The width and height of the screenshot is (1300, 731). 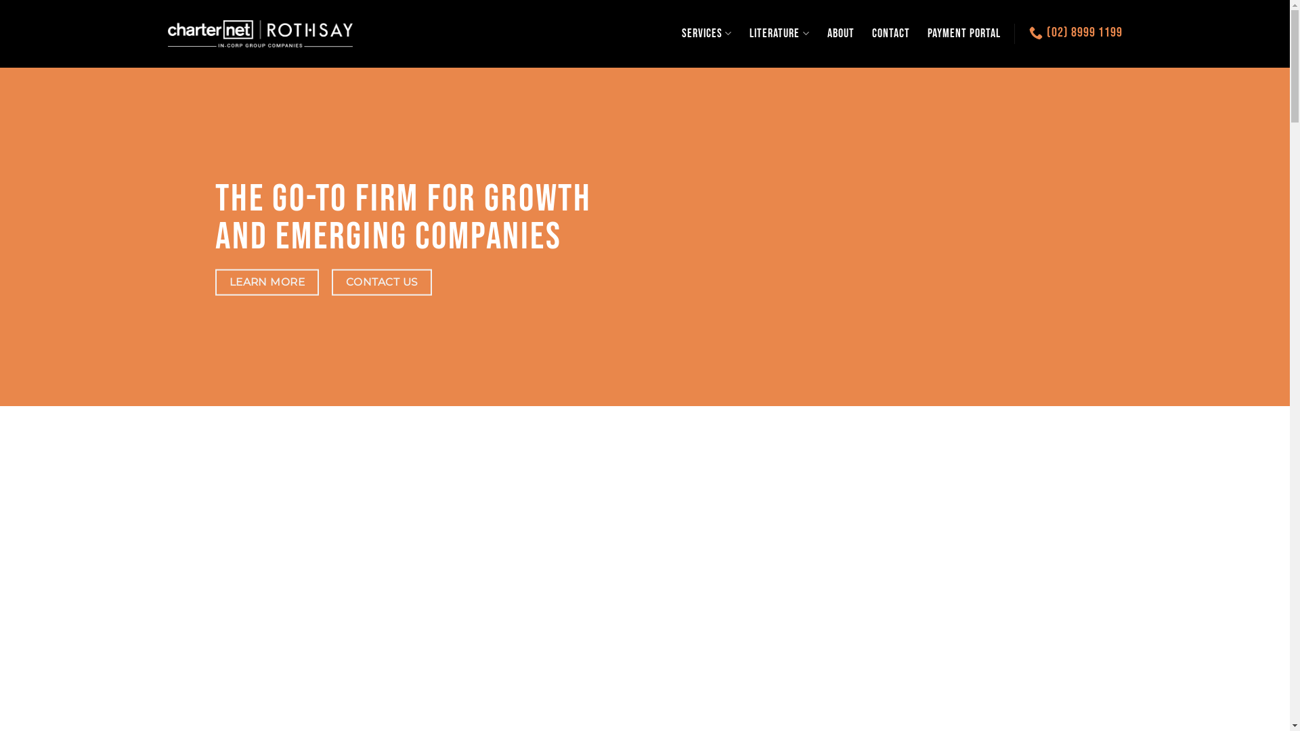 I want to click on '(02) 8999 1199', so click(x=1075, y=31).